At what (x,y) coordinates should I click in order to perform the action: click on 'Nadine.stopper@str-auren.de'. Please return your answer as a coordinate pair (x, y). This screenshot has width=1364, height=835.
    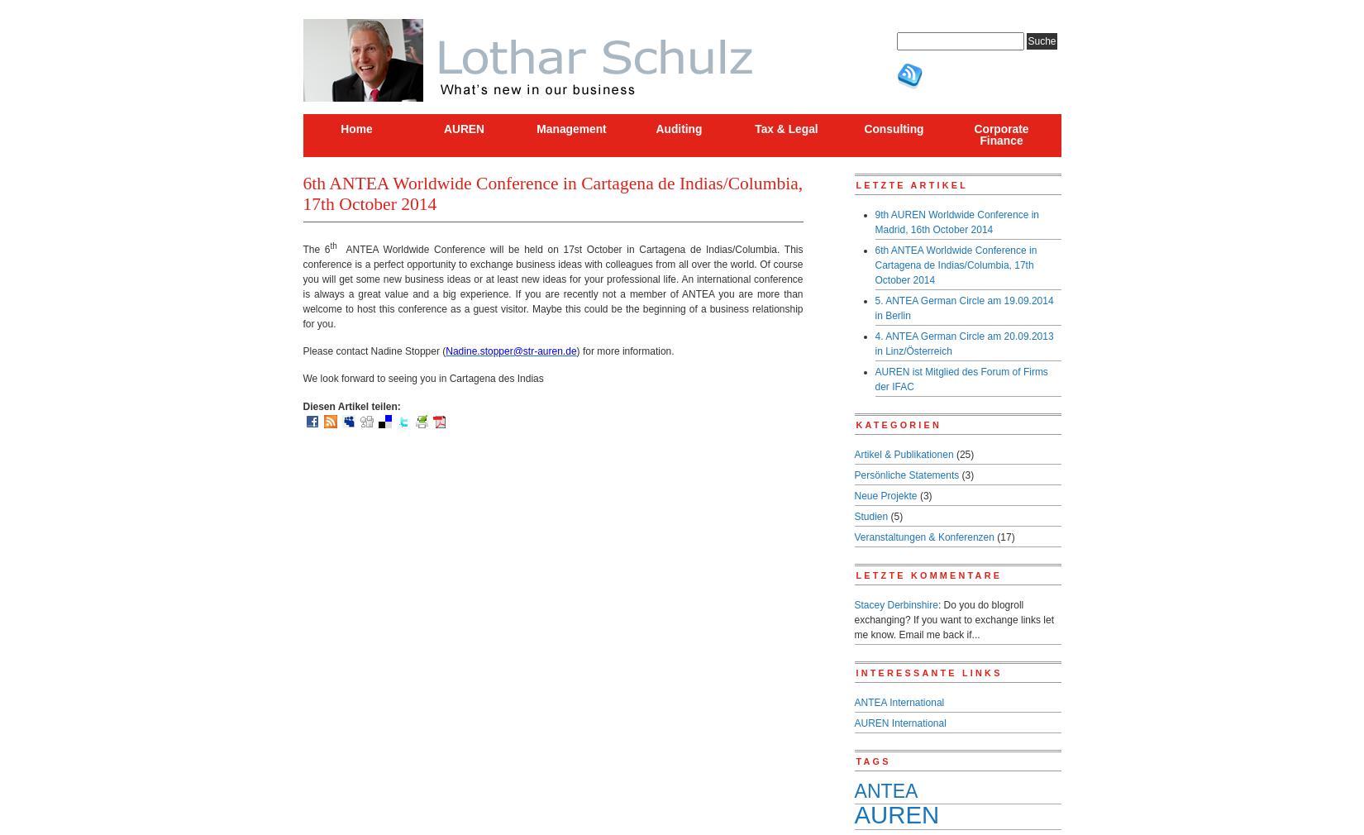
    Looking at the image, I should click on (445, 350).